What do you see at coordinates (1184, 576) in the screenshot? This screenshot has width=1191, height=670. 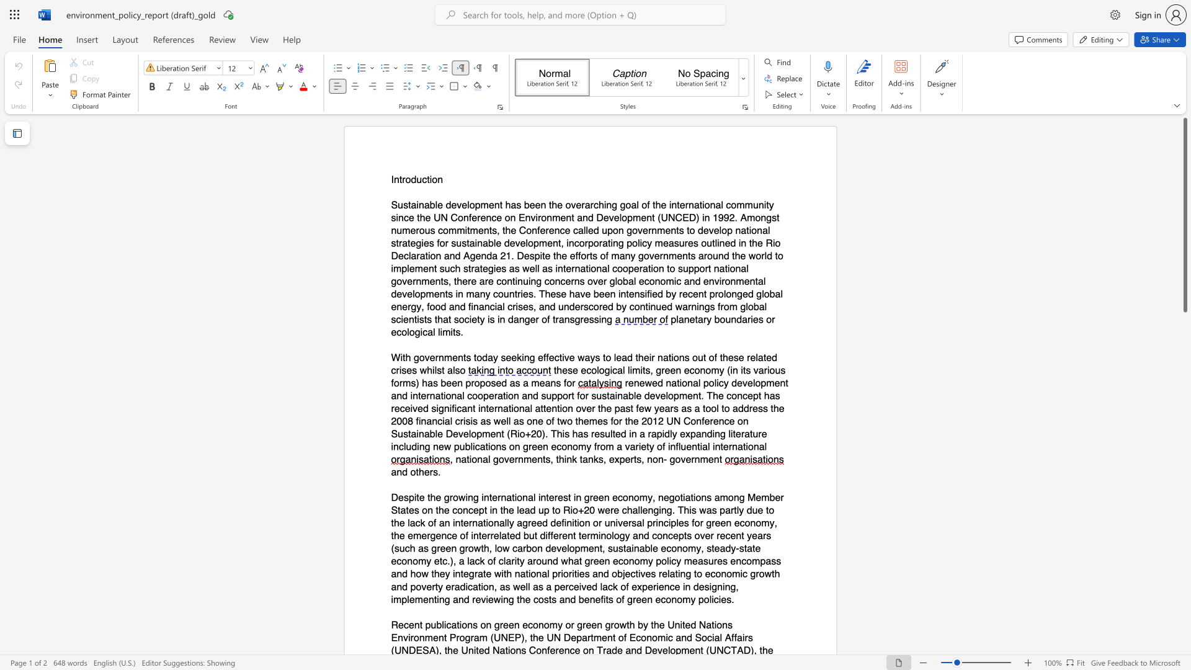 I see `the scrollbar to move the view down` at bounding box center [1184, 576].